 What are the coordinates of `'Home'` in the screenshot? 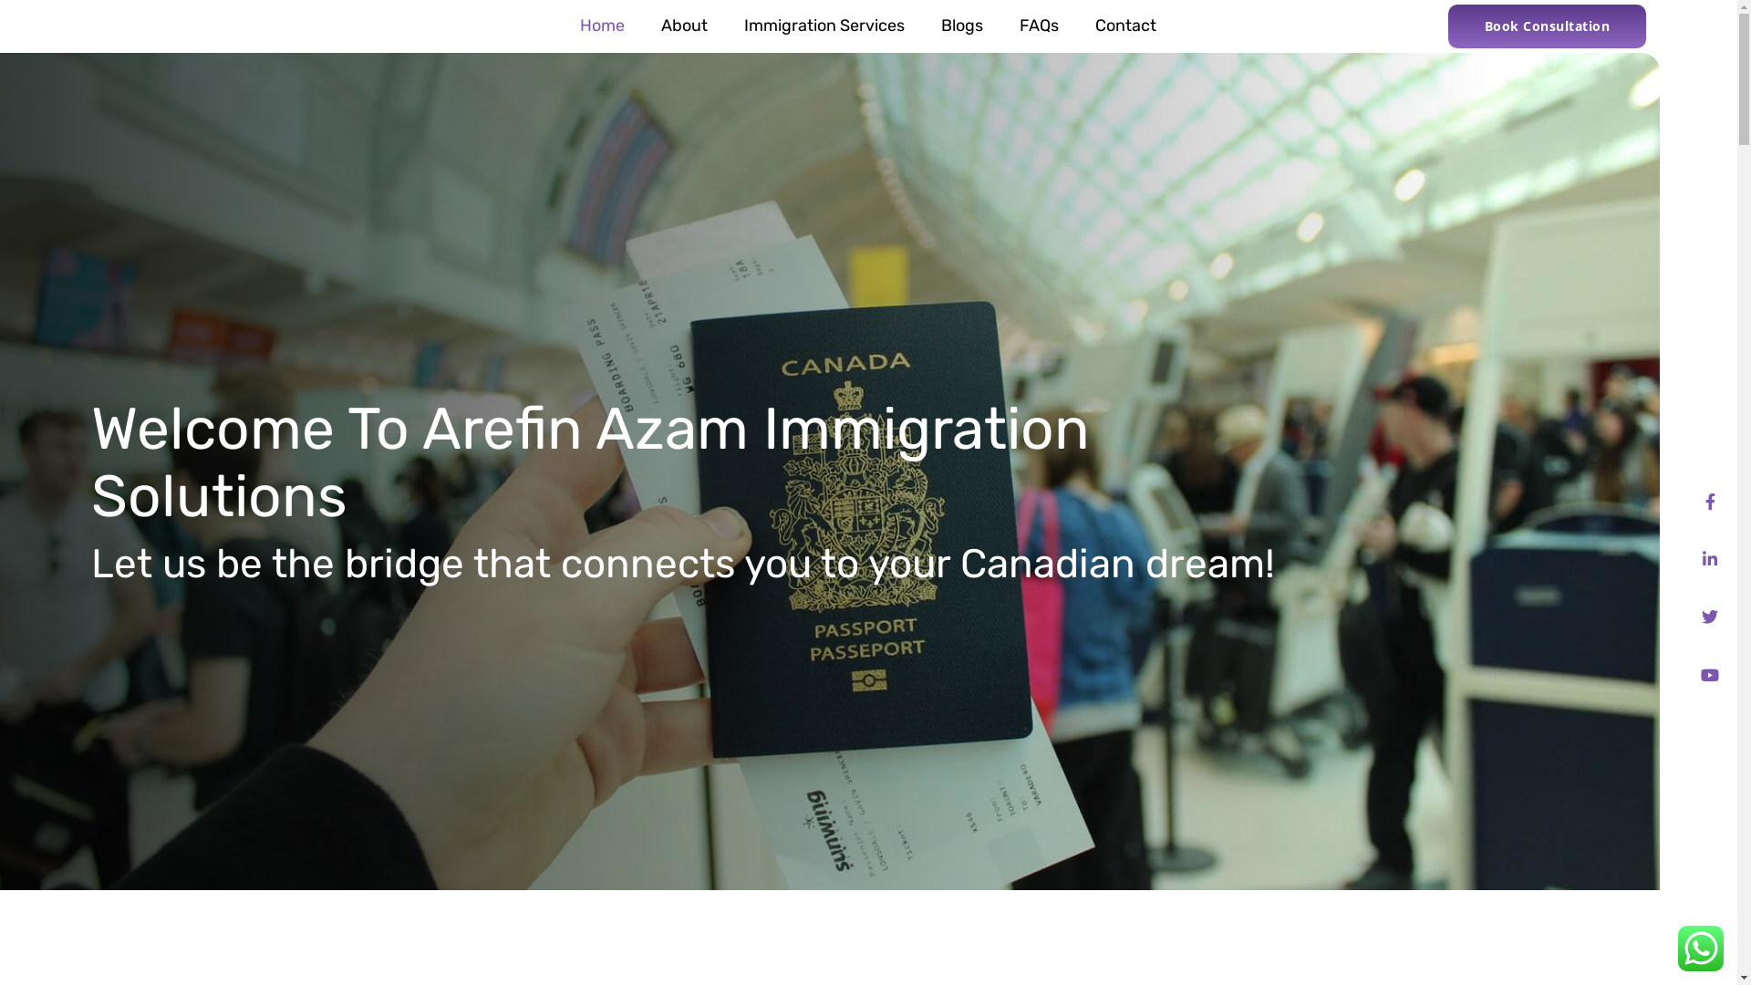 It's located at (602, 26).